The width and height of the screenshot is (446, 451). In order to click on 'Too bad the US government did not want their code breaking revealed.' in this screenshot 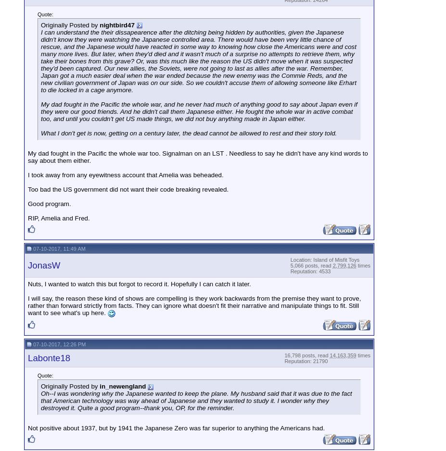, I will do `click(128, 189)`.